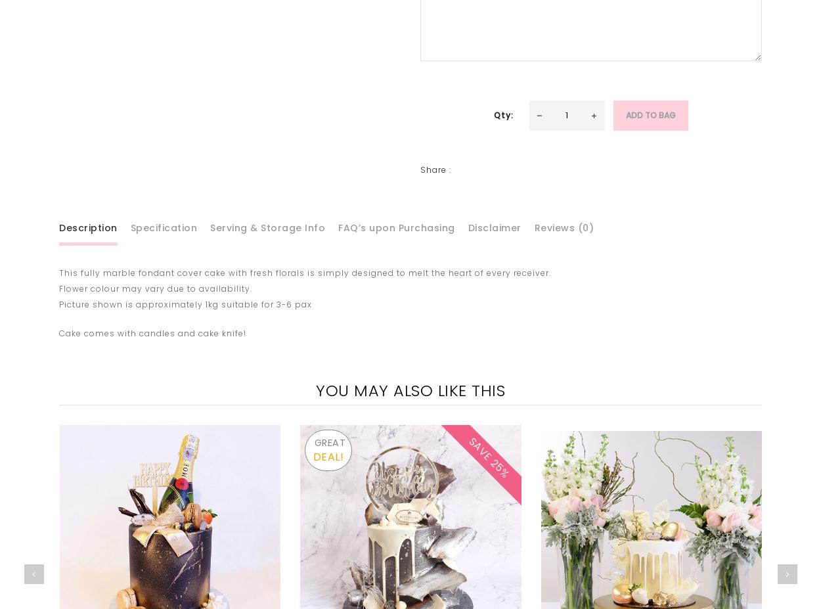  Describe the element at coordinates (267, 226) in the screenshot. I see `'Serving & Storage Info'` at that location.